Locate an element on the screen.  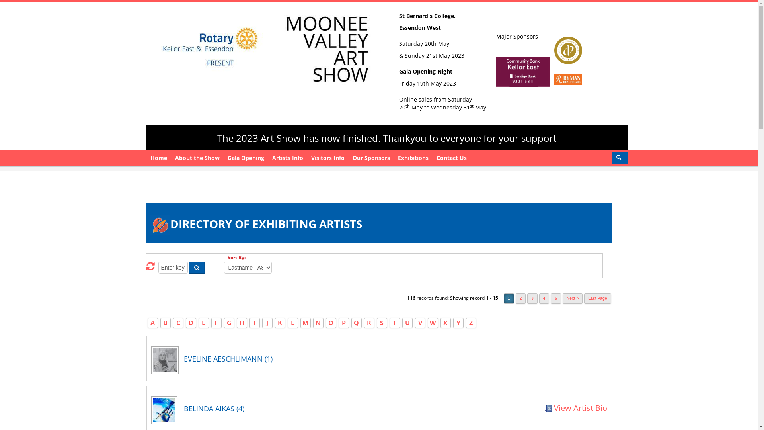
'Last Page' is located at coordinates (597, 298).